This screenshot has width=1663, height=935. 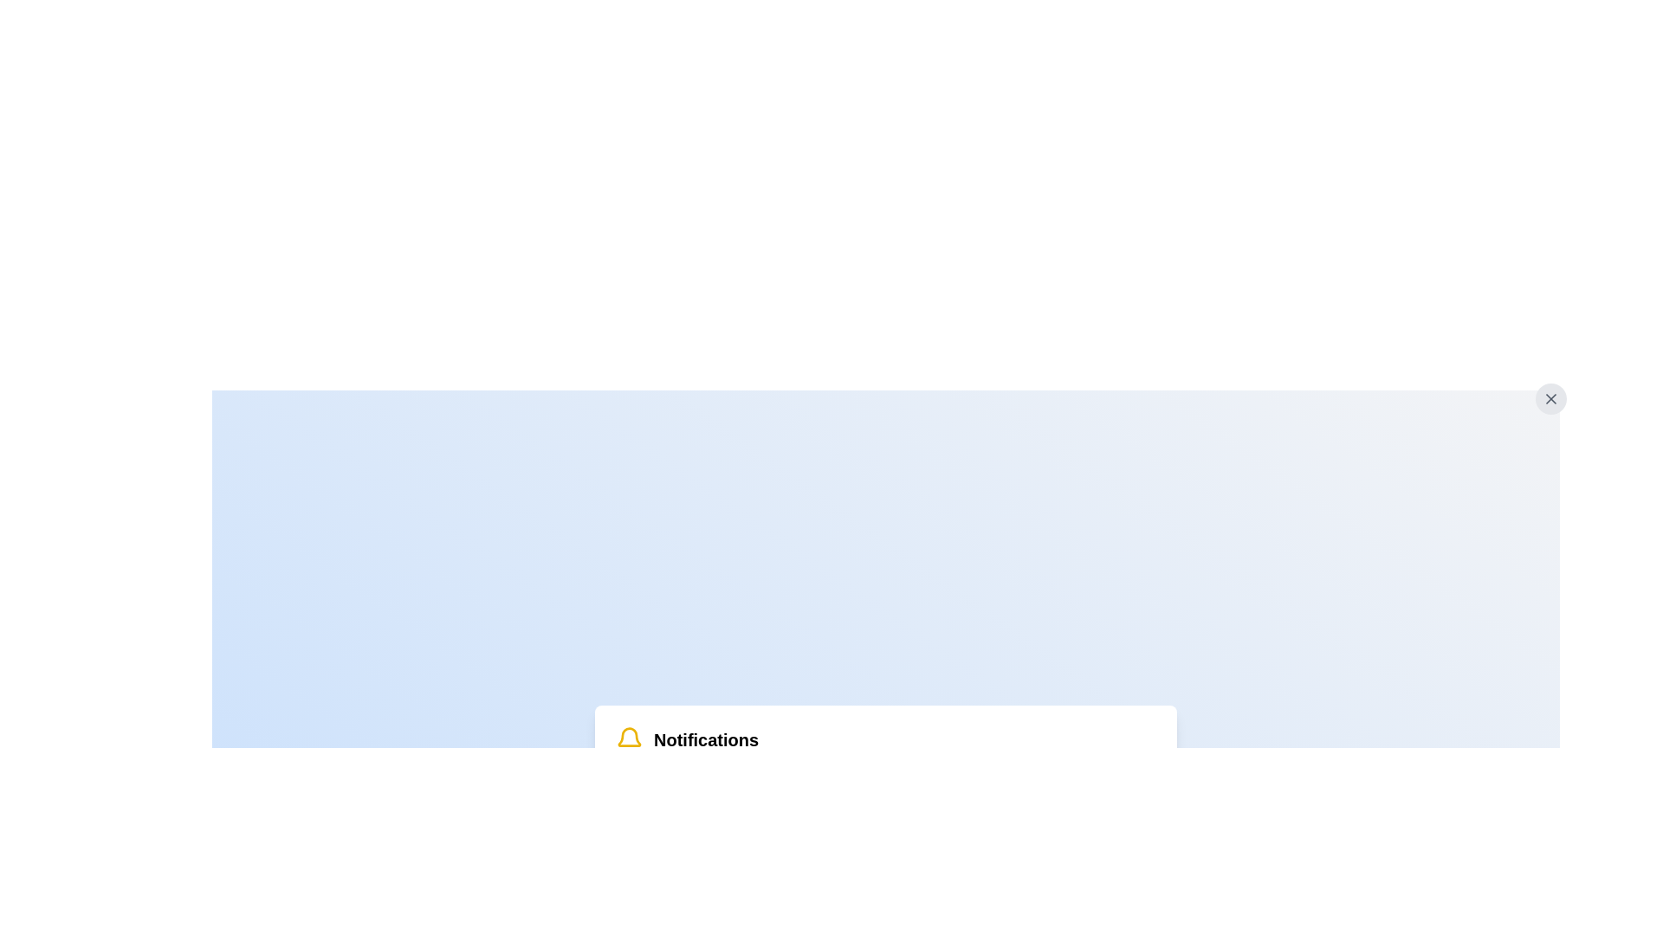 I want to click on the notification bell icon, which is the leftmost element in the group before the header text 'Notifications', so click(x=628, y=740).